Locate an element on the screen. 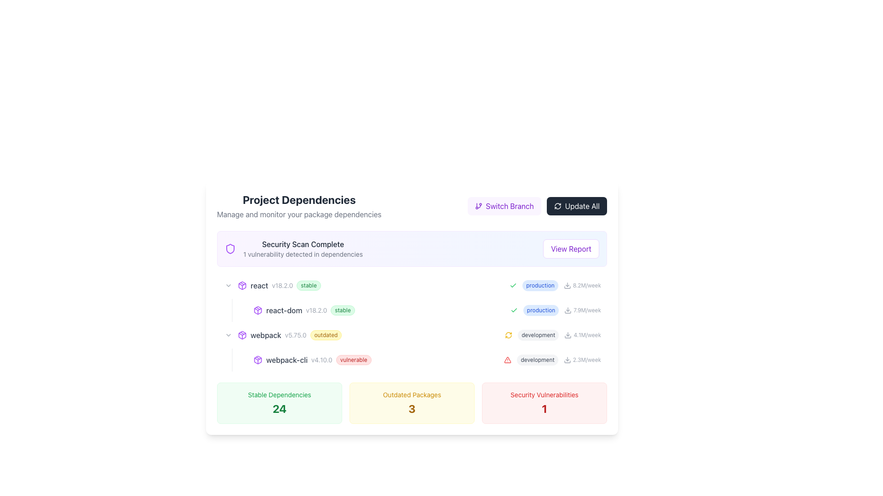 The height and width of the screenshot is (496, 883). the Summary indicator or status box displaying 'Outdated Packages' is located at coordinates (412, 403).